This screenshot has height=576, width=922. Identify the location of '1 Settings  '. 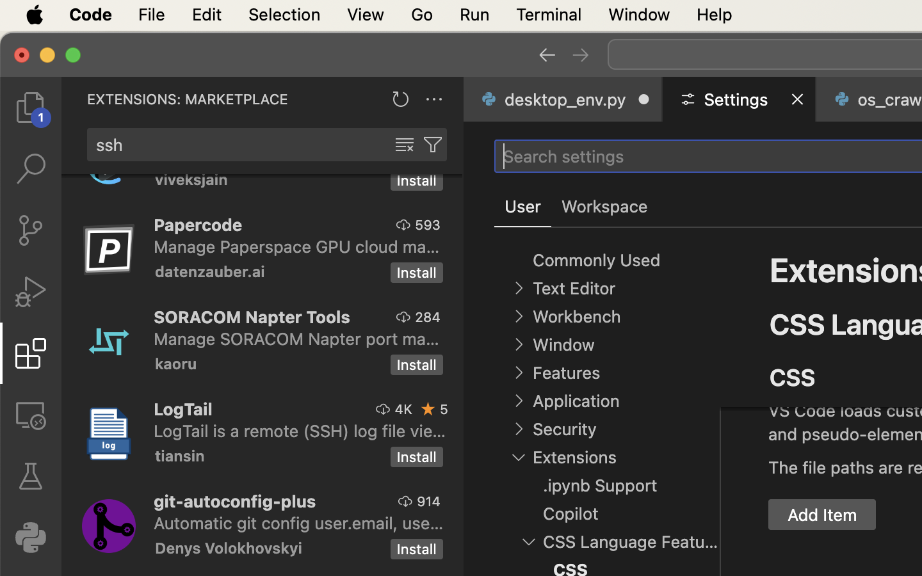
(740, 99).